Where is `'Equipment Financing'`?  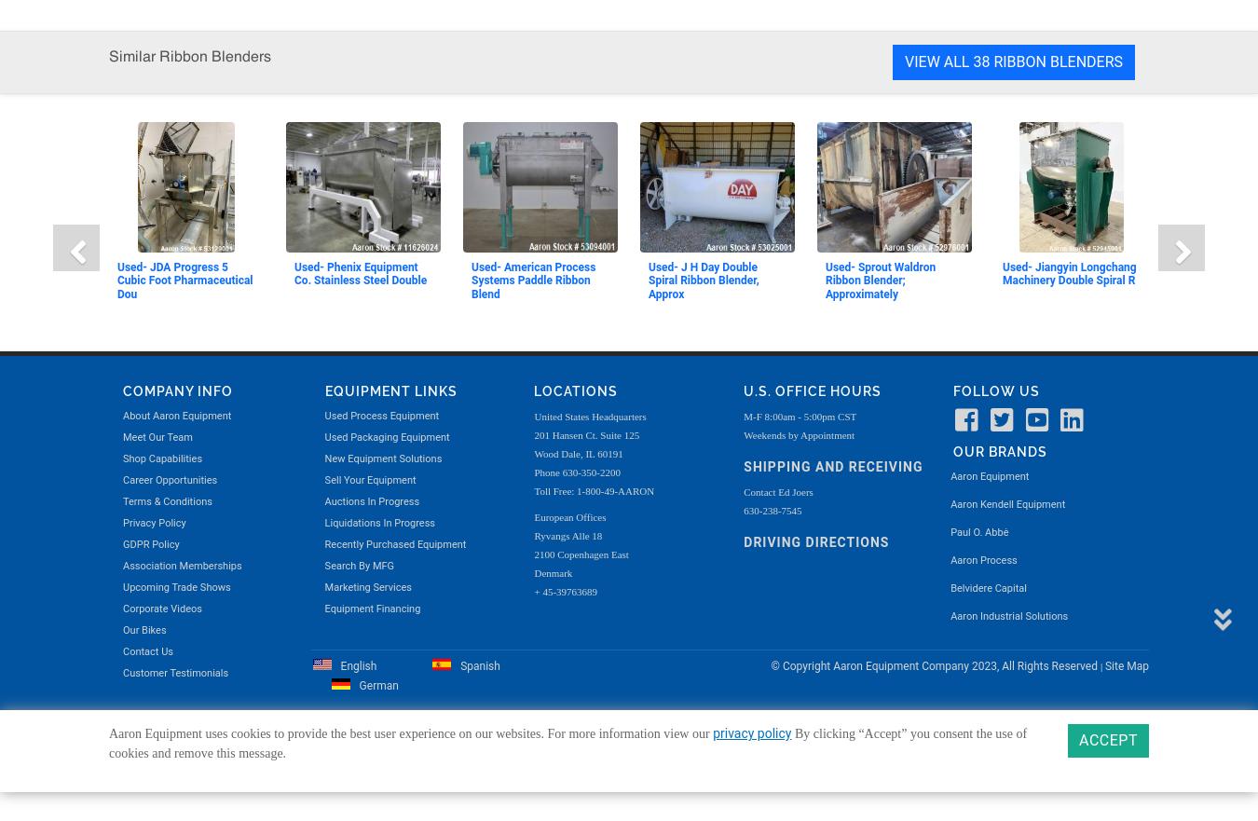 'Equipment Financing' is located at coordinates (372, 37).